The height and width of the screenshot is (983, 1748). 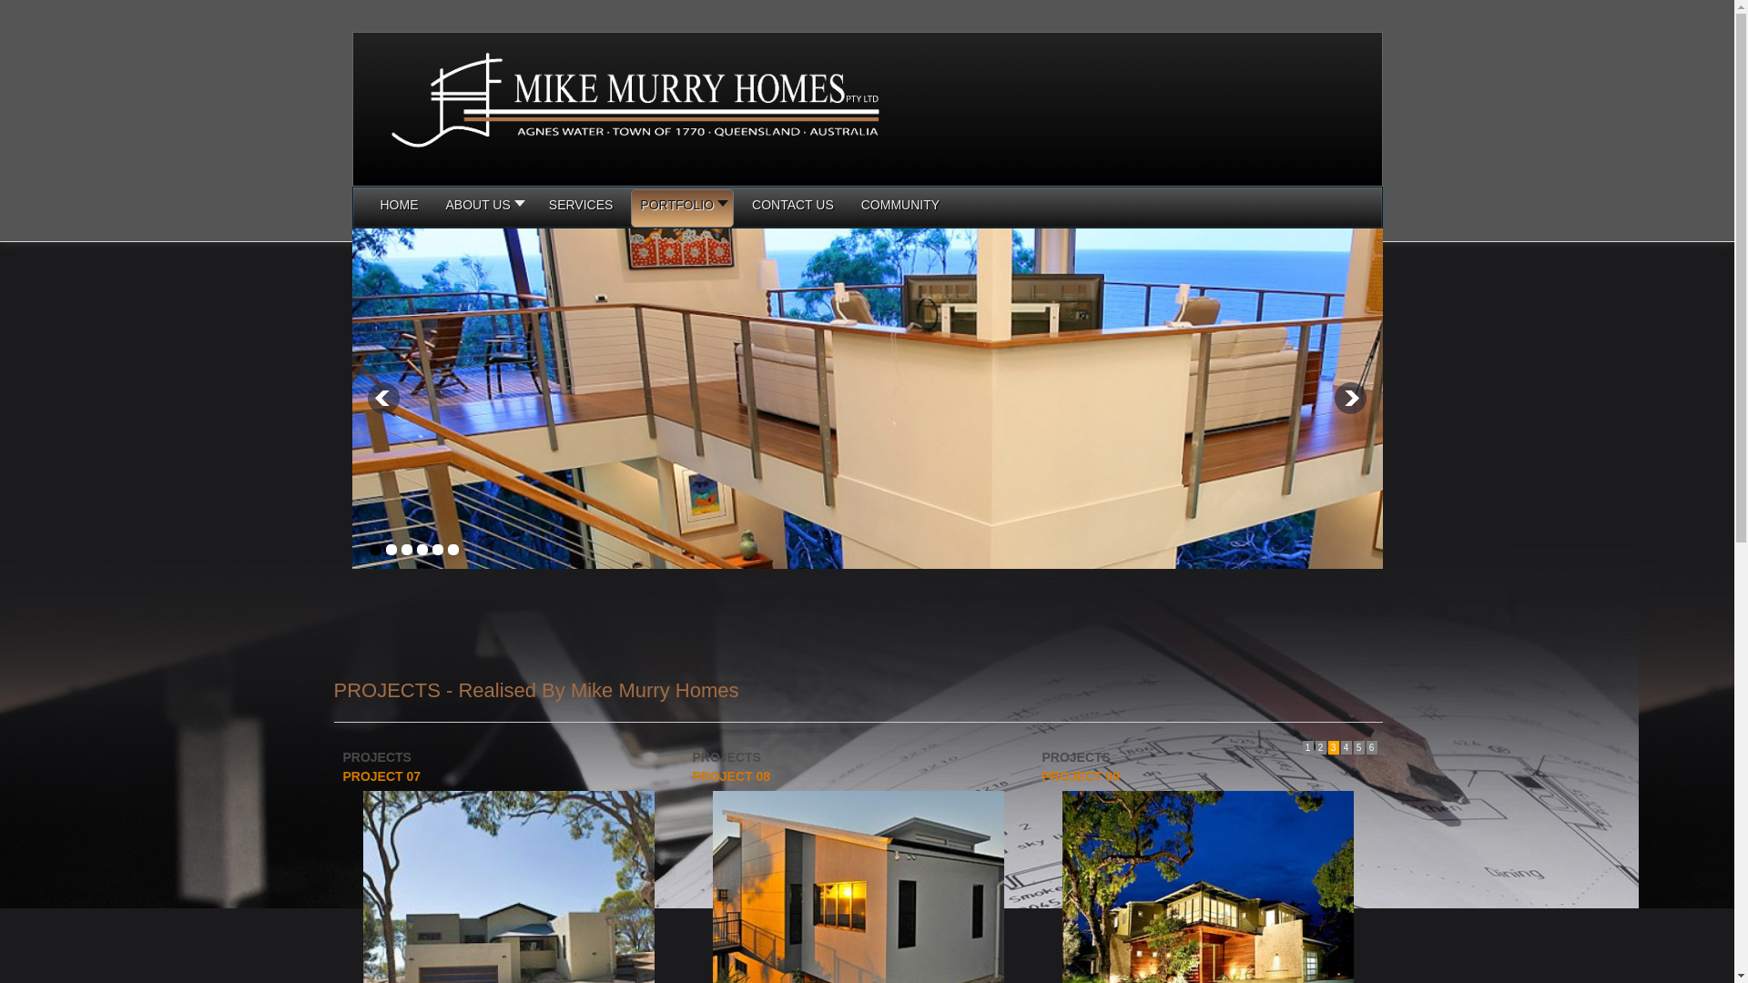 I want to click on 'PORTFOLIO', so click(x=681, y=208).